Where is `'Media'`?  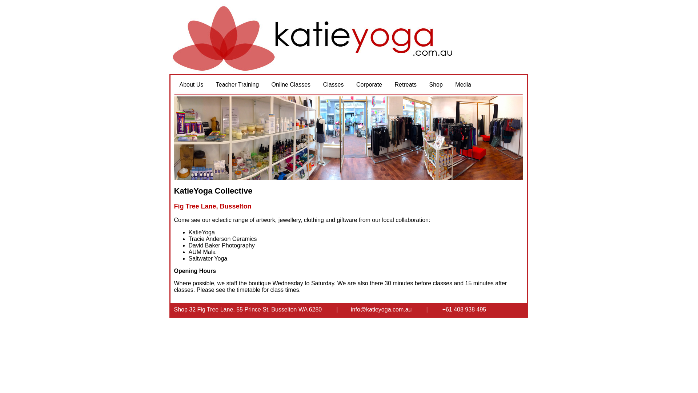 'Media' is located at coordinates (462, 84).